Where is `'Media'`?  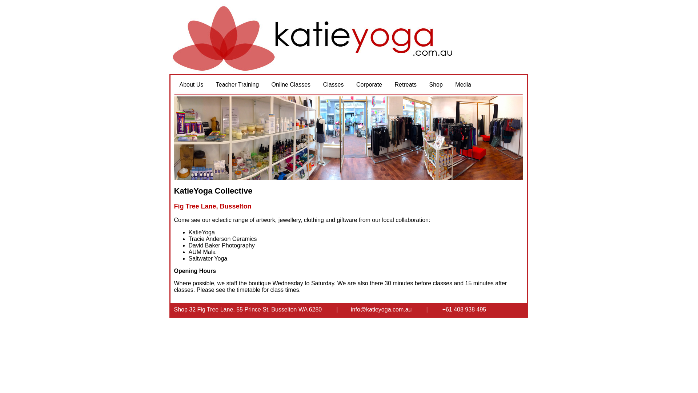 'Media' is located at coordinates (462, 84).